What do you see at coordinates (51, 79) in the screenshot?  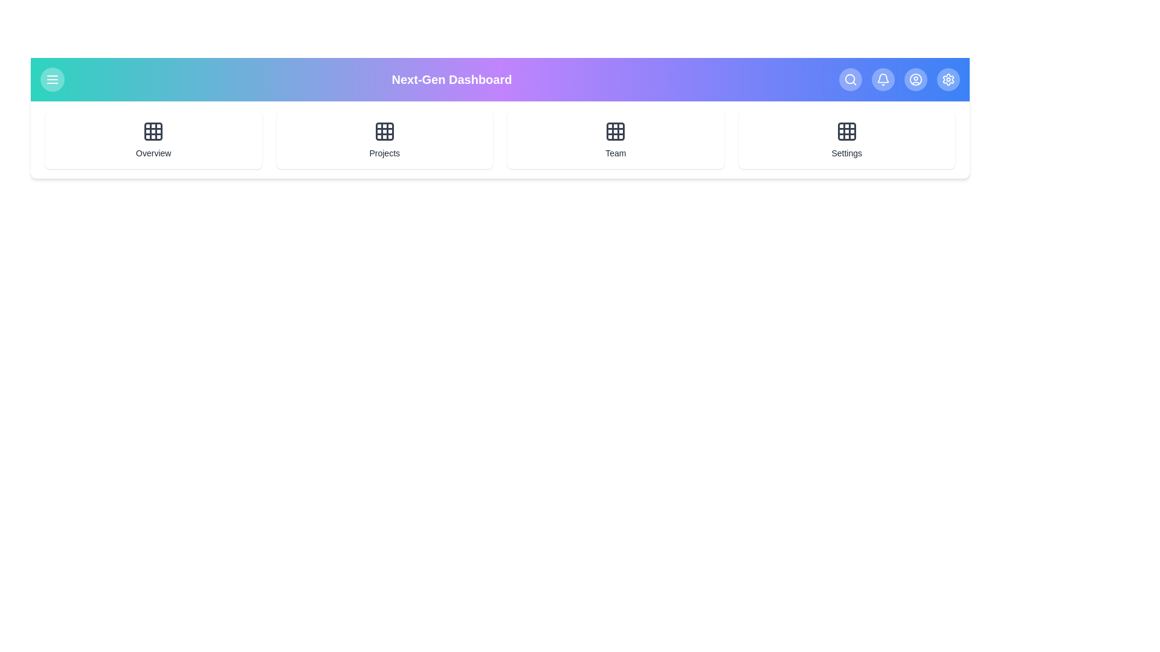 I see `the menu button to toggle the menu visibility` at bounding box center [51, 79].